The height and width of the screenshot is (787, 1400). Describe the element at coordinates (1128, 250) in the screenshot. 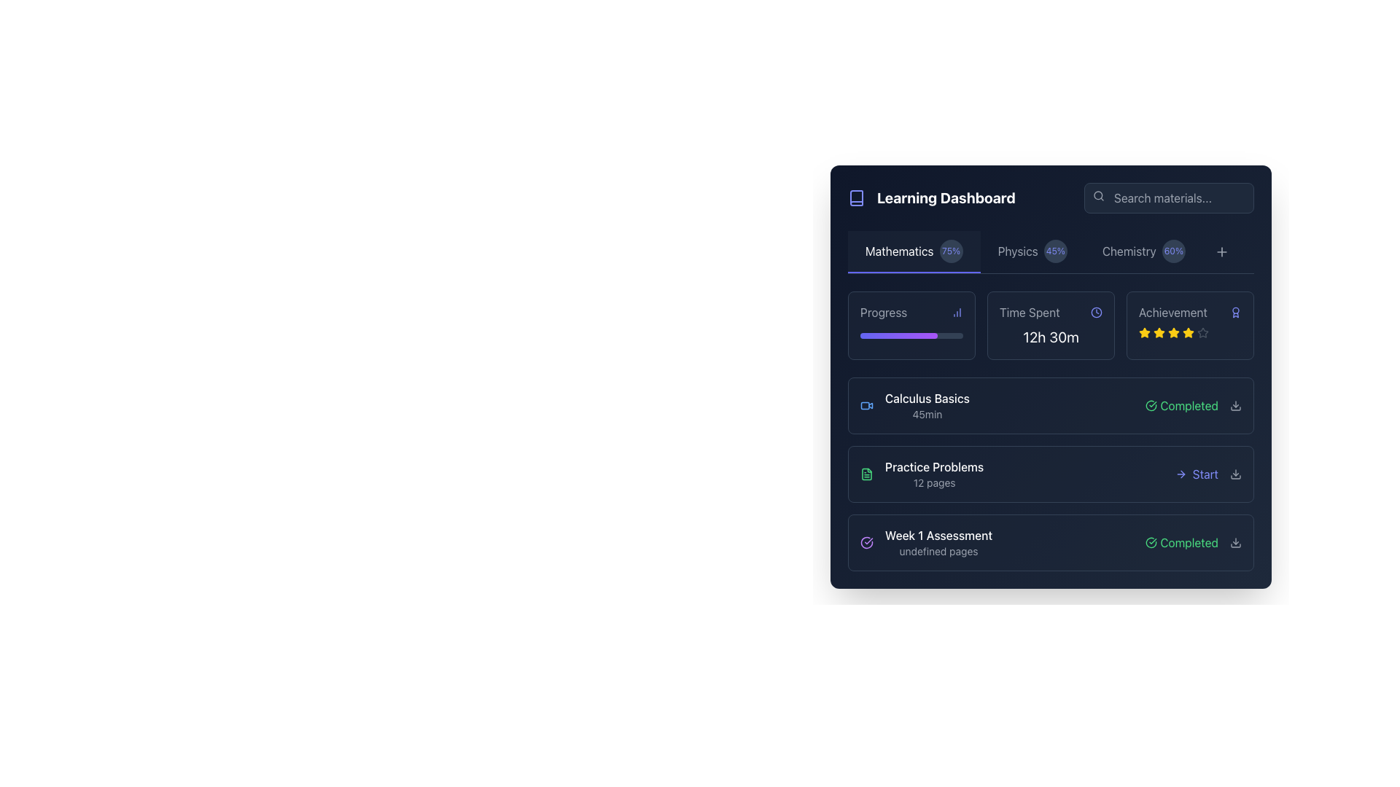

I see `the 'Chemistry' text label in the learning dashboard` at that location.